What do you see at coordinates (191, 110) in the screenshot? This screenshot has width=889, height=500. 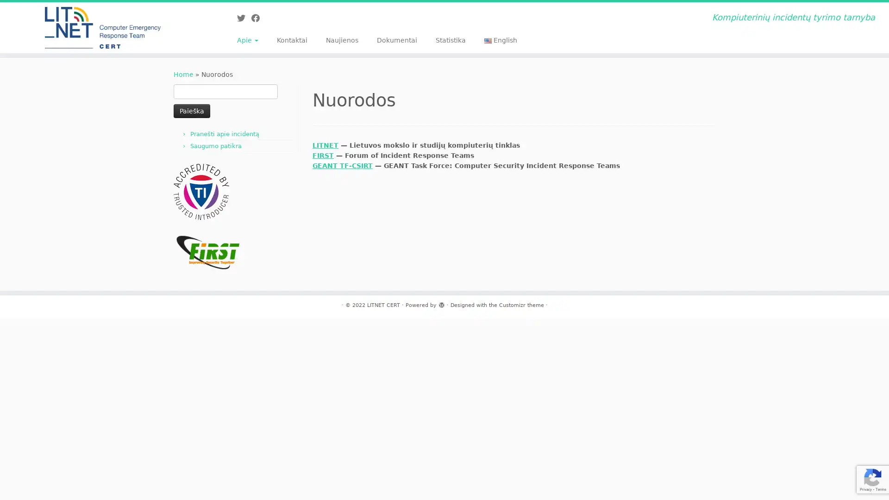 I see `Paieska` at bounding box center [191, 110].